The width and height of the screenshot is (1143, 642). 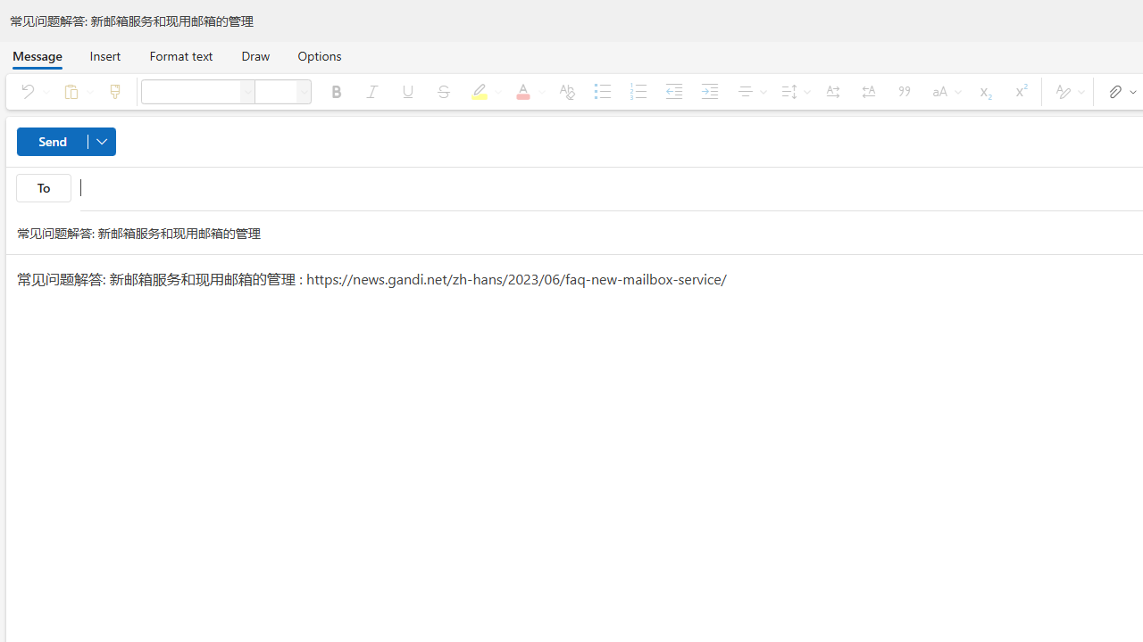 What do you see at coordinates (708, 91) in the screenshot?
I see `'Increase indent'` at bounding box center [708, 91].